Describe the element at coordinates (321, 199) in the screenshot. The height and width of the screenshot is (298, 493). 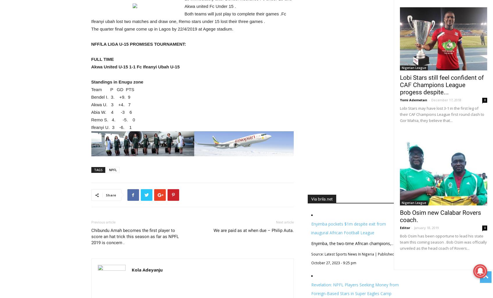
I see `'Via brila.net'` at that location.